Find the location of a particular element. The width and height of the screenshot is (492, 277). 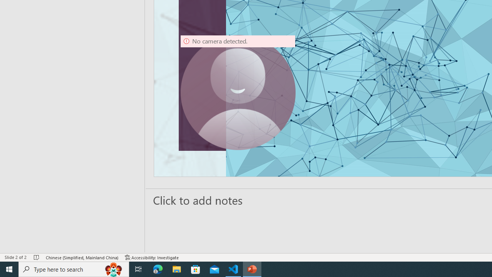

'Camera 9, No camera detected.' is located at coordinates (238, 92).